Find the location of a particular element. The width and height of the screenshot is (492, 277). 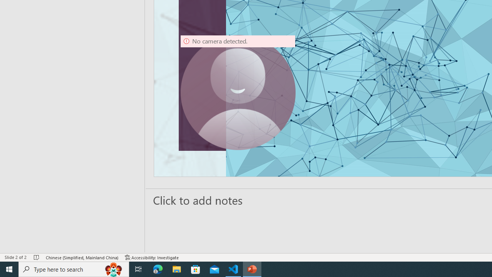

'Camera 9, No camera detected.' is located at coordinates (238, 92).